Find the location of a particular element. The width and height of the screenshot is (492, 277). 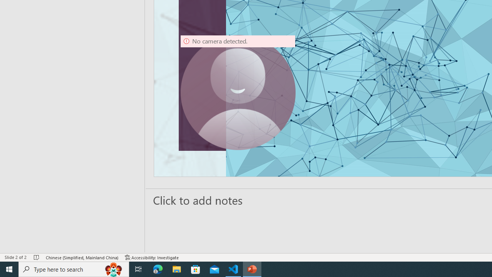

'Camera 9, No camera detected.' is located at coordinates (238, 92).